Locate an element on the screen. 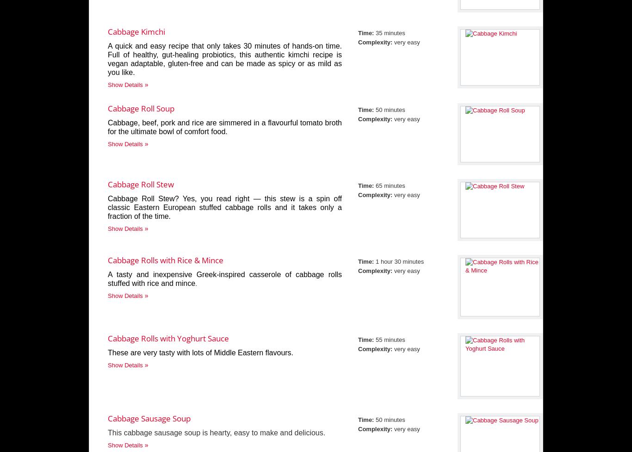 This screenshot has width=632, height=452. 'Cabbage Kimchi' is located at coordinates (136, 31).